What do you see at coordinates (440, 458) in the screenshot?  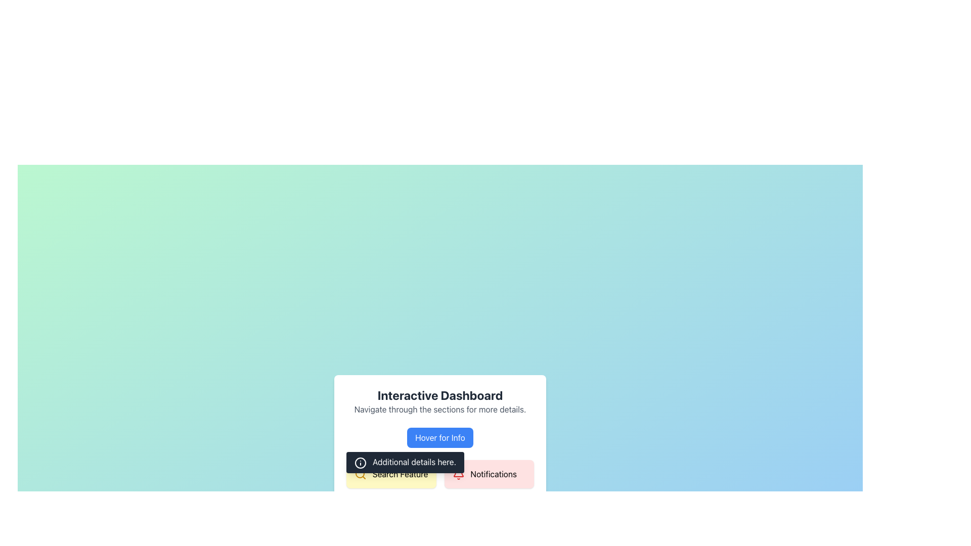 I see `the interactive tiles in the composite section that provides access to 'Search Feature' and 'Notifications'` at bounding box center [440, 458].